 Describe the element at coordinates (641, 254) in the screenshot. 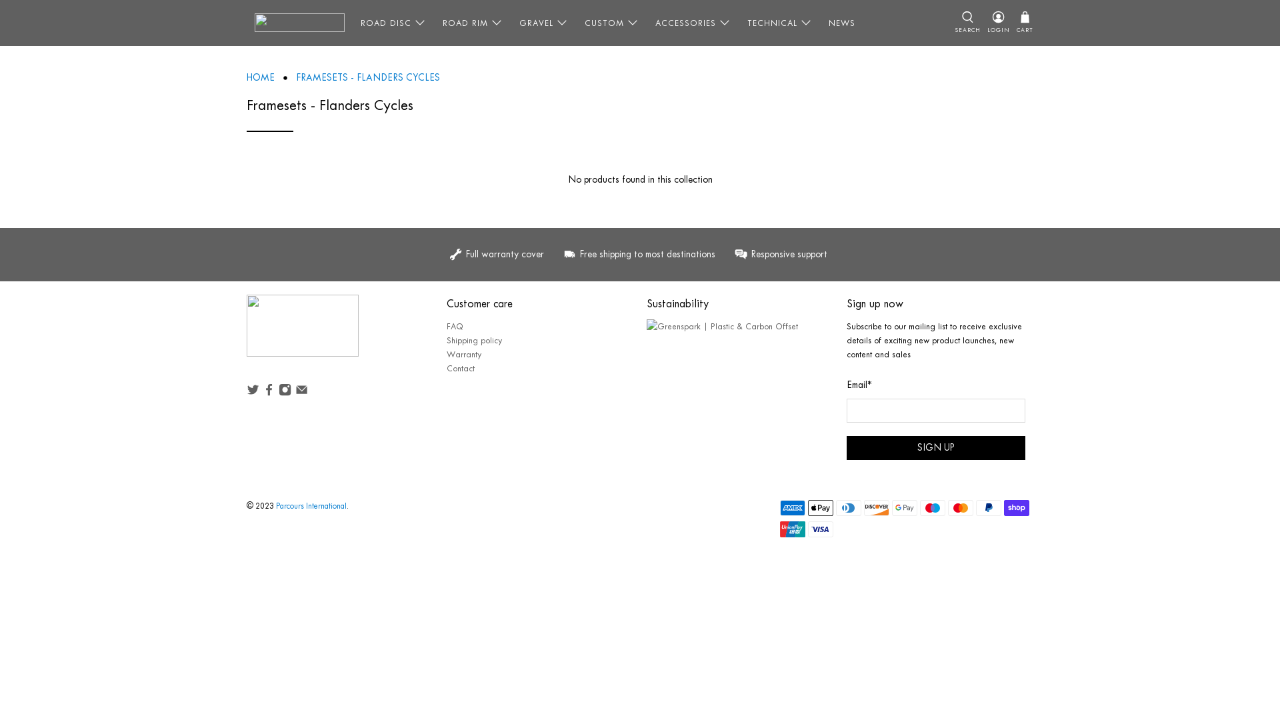

I see `'Free shipping to most destinations'` at that location.